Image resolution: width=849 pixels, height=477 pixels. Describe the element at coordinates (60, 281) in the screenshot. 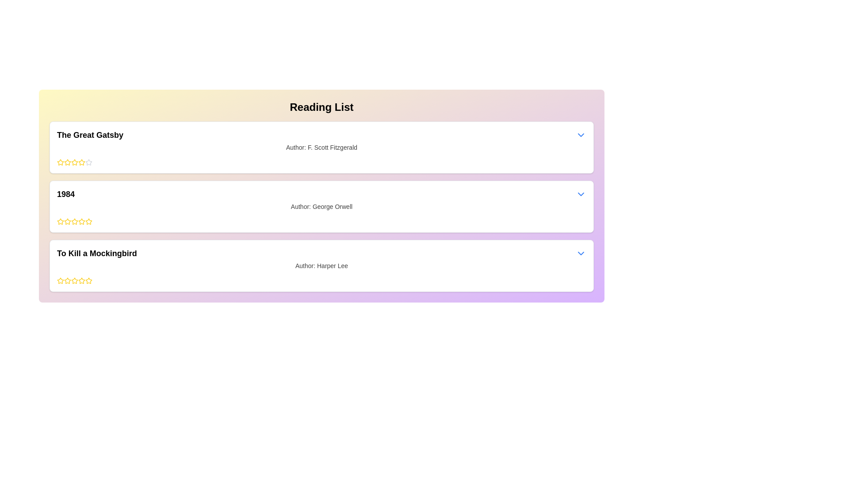

I see `the first rating star icon representing the rating for the book 'To Kill a Mockingbird'` at that location.